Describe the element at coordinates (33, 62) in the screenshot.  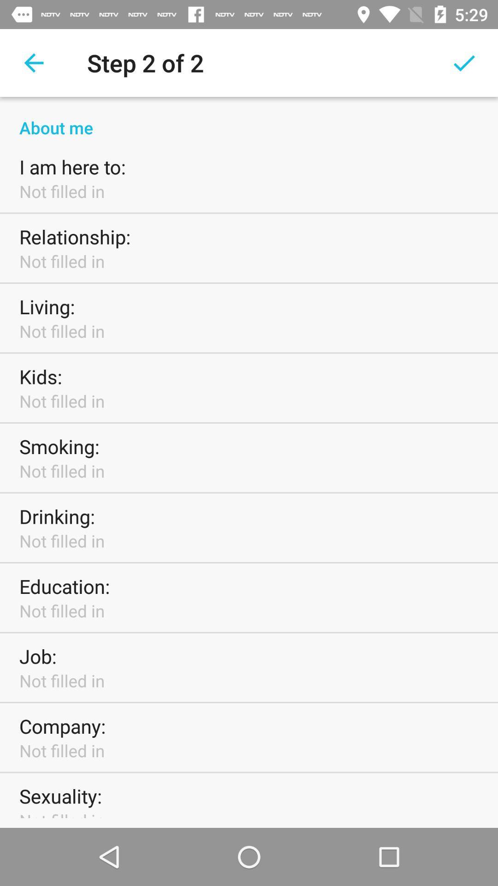
I see `item to the left of the step 2 of` at that location.